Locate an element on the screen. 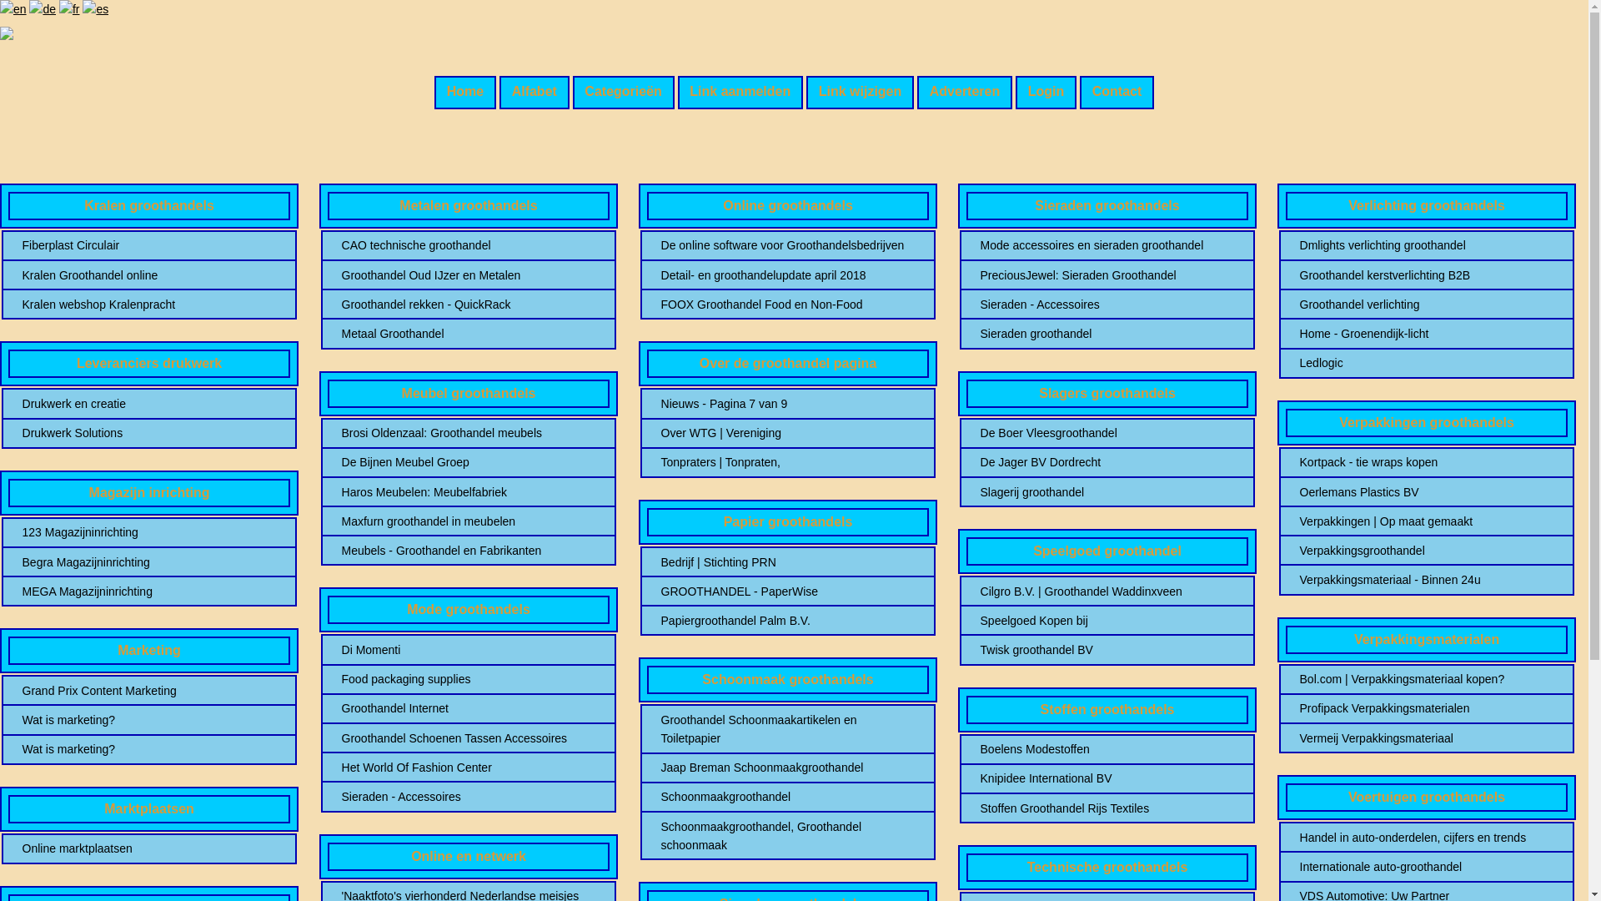 The image size is (1601, 901). 'Maxfurn groothandel in meubelen' is located at coordinates (340, 520).